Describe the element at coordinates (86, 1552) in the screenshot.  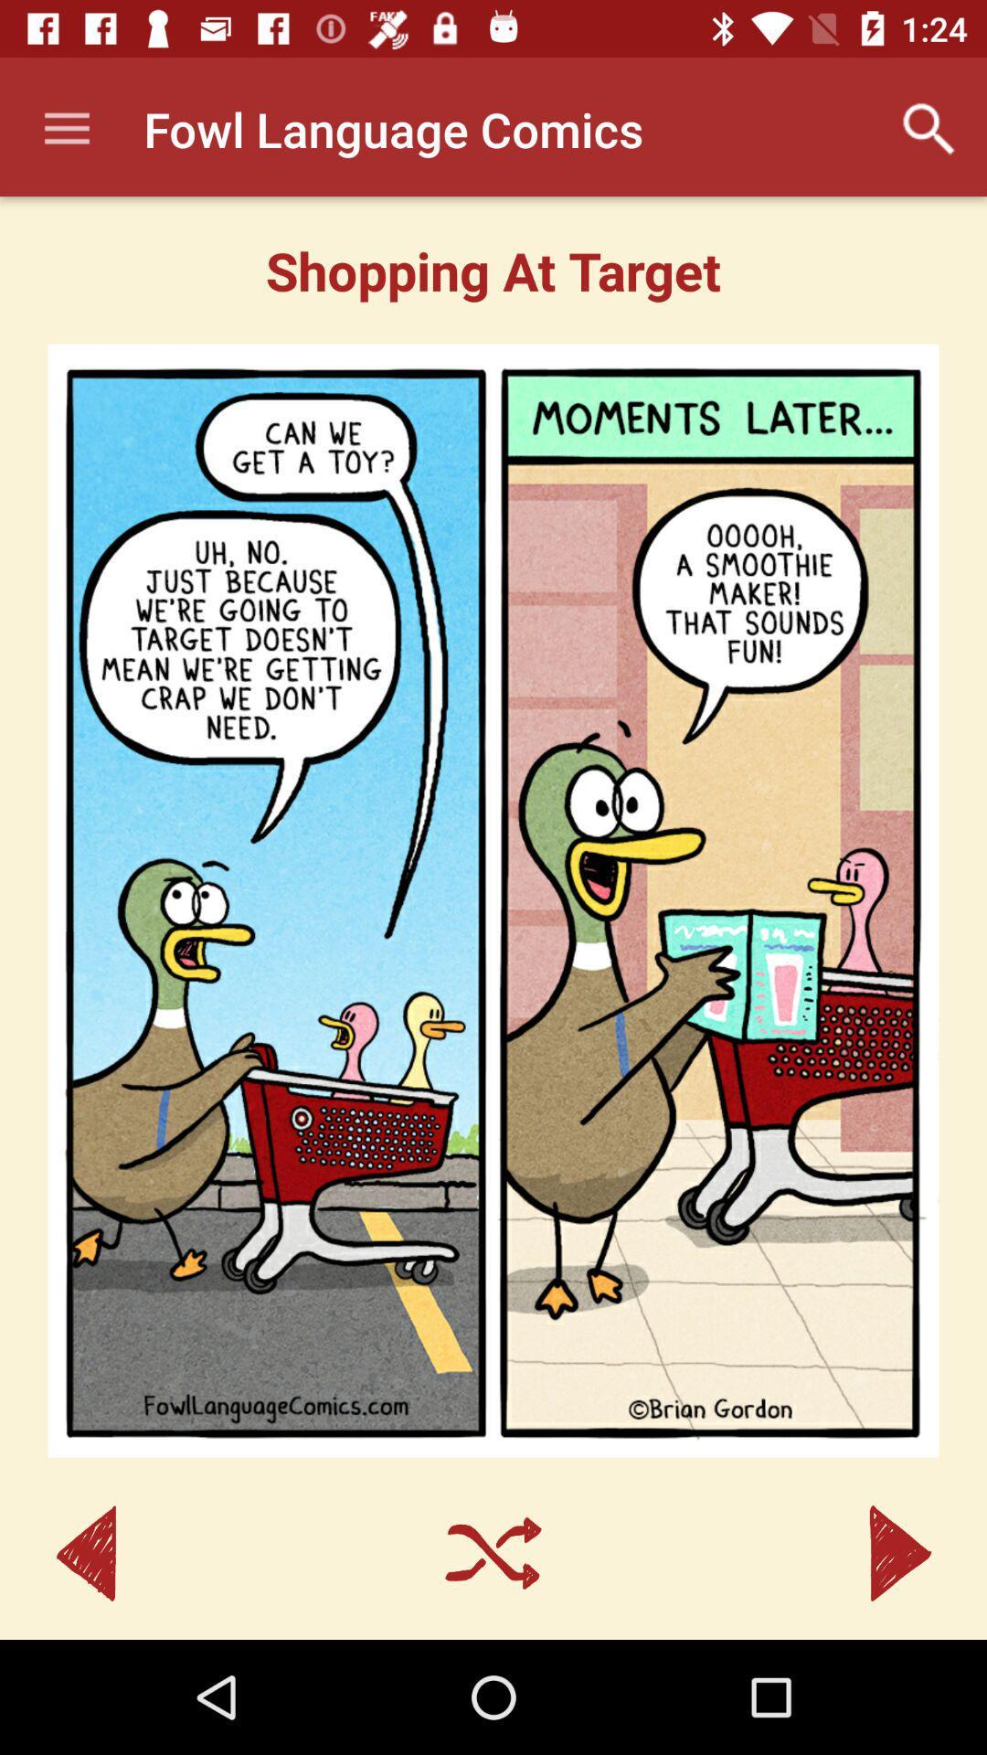
I see `the item at the bottom left corner` at that location.